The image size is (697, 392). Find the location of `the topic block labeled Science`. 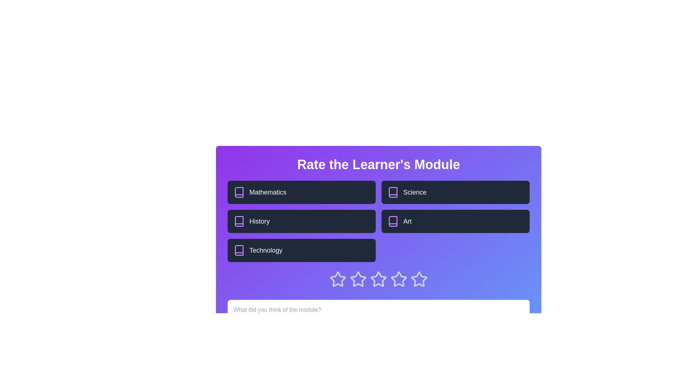

the topic block labeled Science is located at coordinates (455, 192).